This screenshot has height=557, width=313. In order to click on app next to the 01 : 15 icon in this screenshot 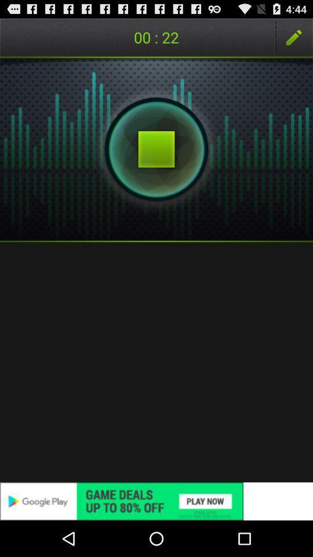, I will do `click(294, 37)`.